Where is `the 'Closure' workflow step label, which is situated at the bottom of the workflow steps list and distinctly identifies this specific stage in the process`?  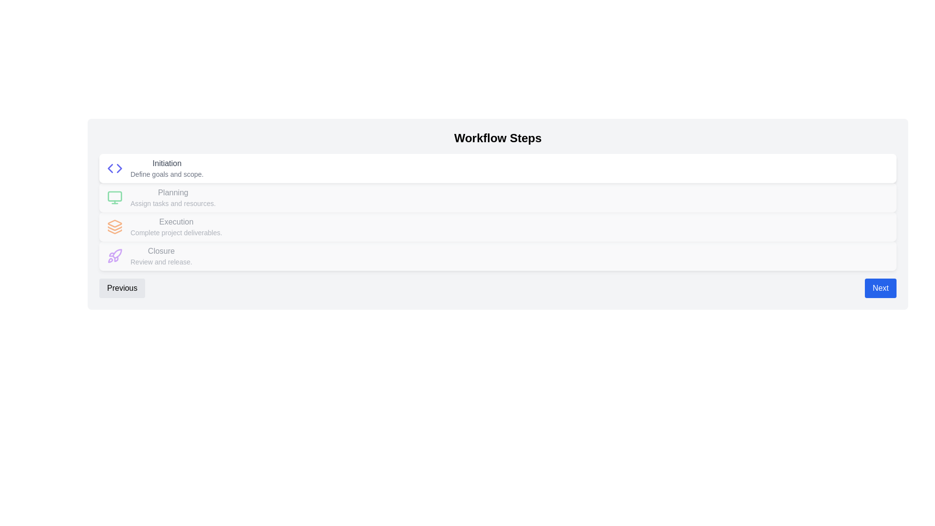
the 'Closure' workflow step label, which is situated at the bottom of the workflow steps list and distinctly identifies this specific stage in the process is located at coordinates (161, 251).